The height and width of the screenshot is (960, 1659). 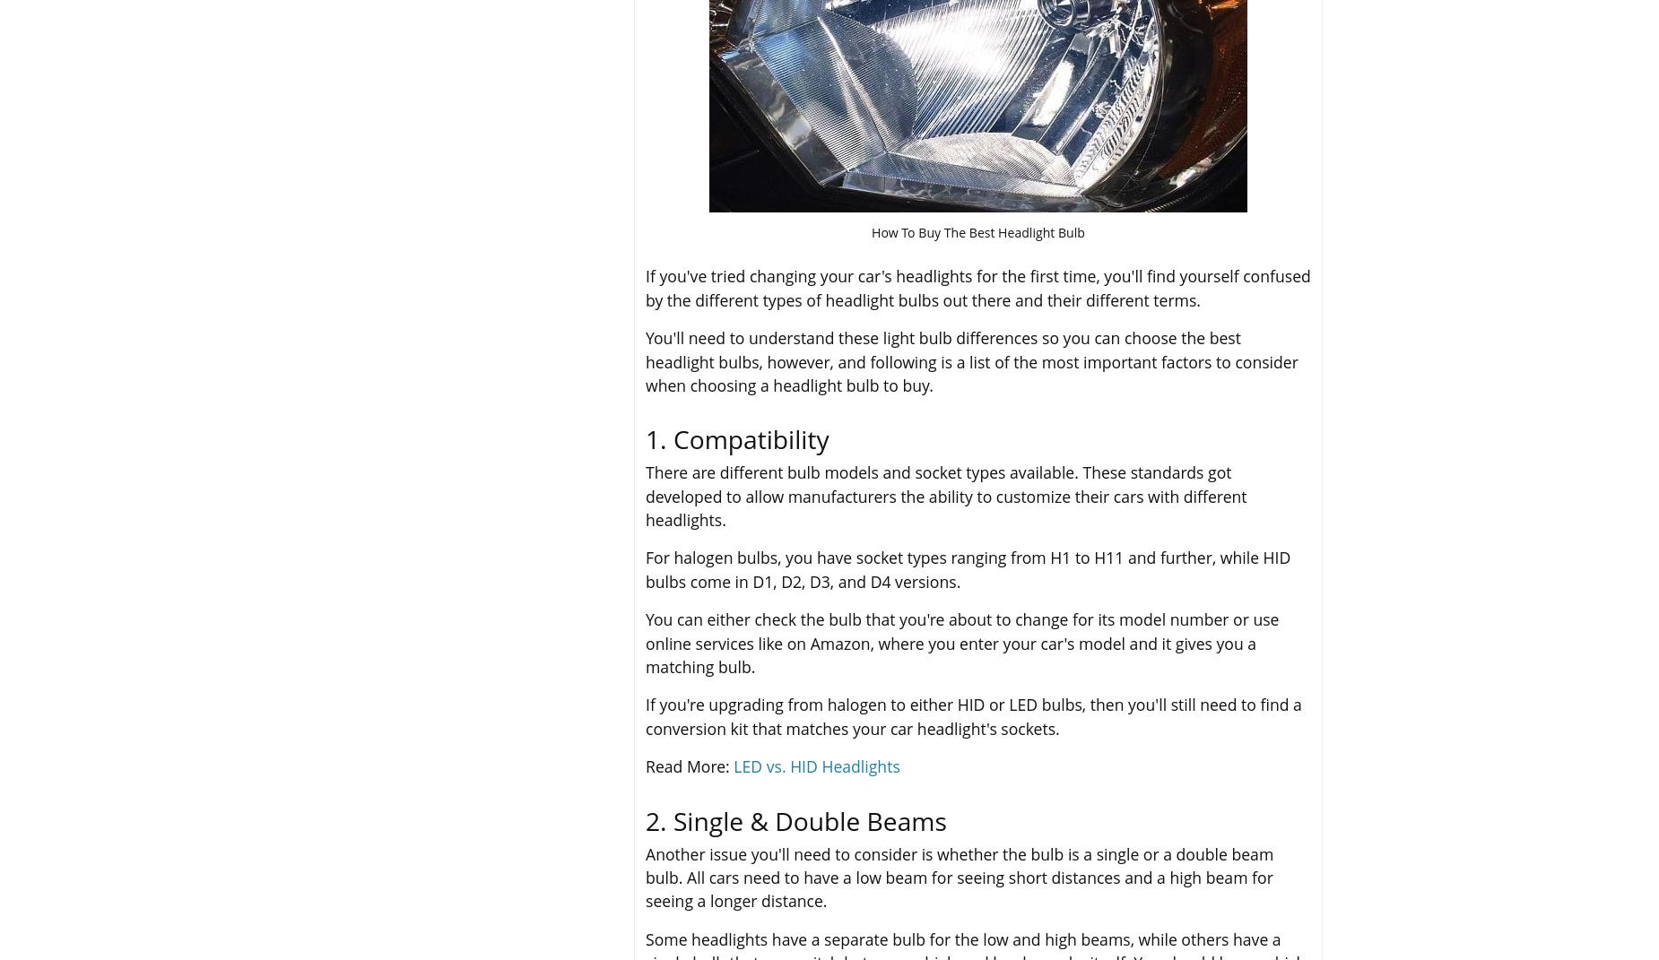 I want to click on 'If you've tried changing your car's headlights for the first time, you'll find yourself confused by the different types of headlight bulbs out there and their different terms.', so click(x=977, y=286).